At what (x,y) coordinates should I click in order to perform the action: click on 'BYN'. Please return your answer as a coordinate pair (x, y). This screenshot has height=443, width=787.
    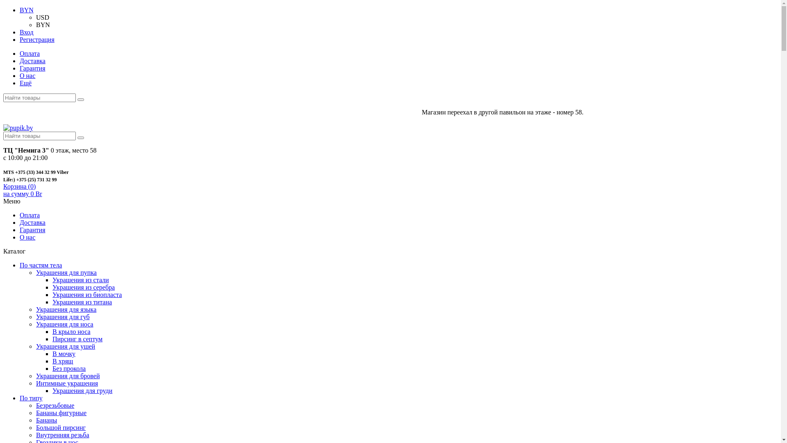
    Looking at the image, I should click on (43, 24).